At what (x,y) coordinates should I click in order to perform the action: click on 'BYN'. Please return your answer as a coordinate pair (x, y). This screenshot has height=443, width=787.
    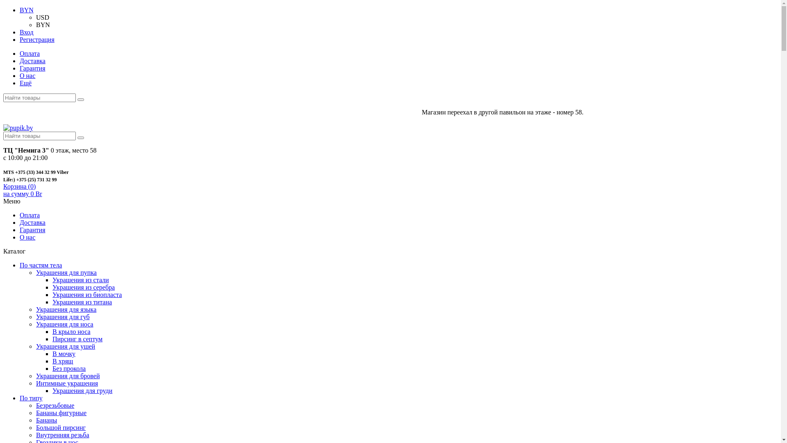
    Looking at the image, I should click on (43, 24).